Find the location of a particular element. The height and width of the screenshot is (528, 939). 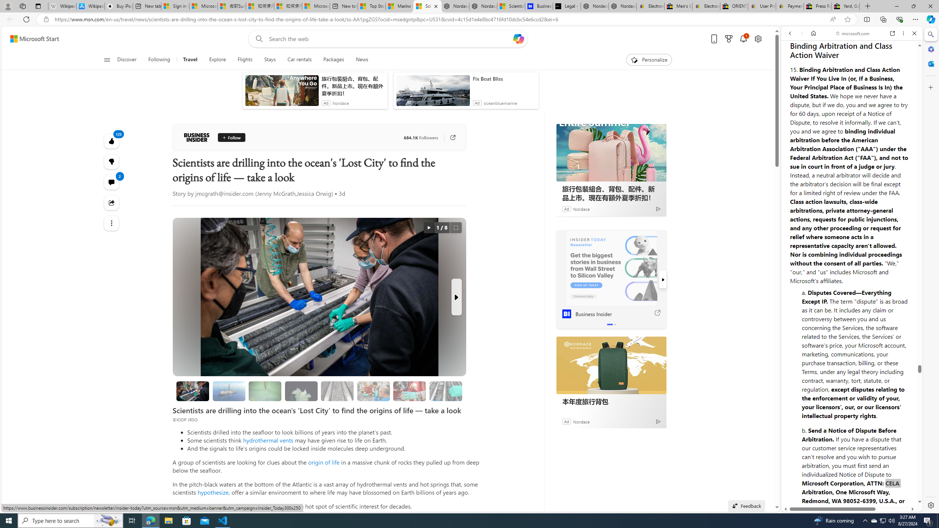

'Stays' is located at coordinates (270, 59).